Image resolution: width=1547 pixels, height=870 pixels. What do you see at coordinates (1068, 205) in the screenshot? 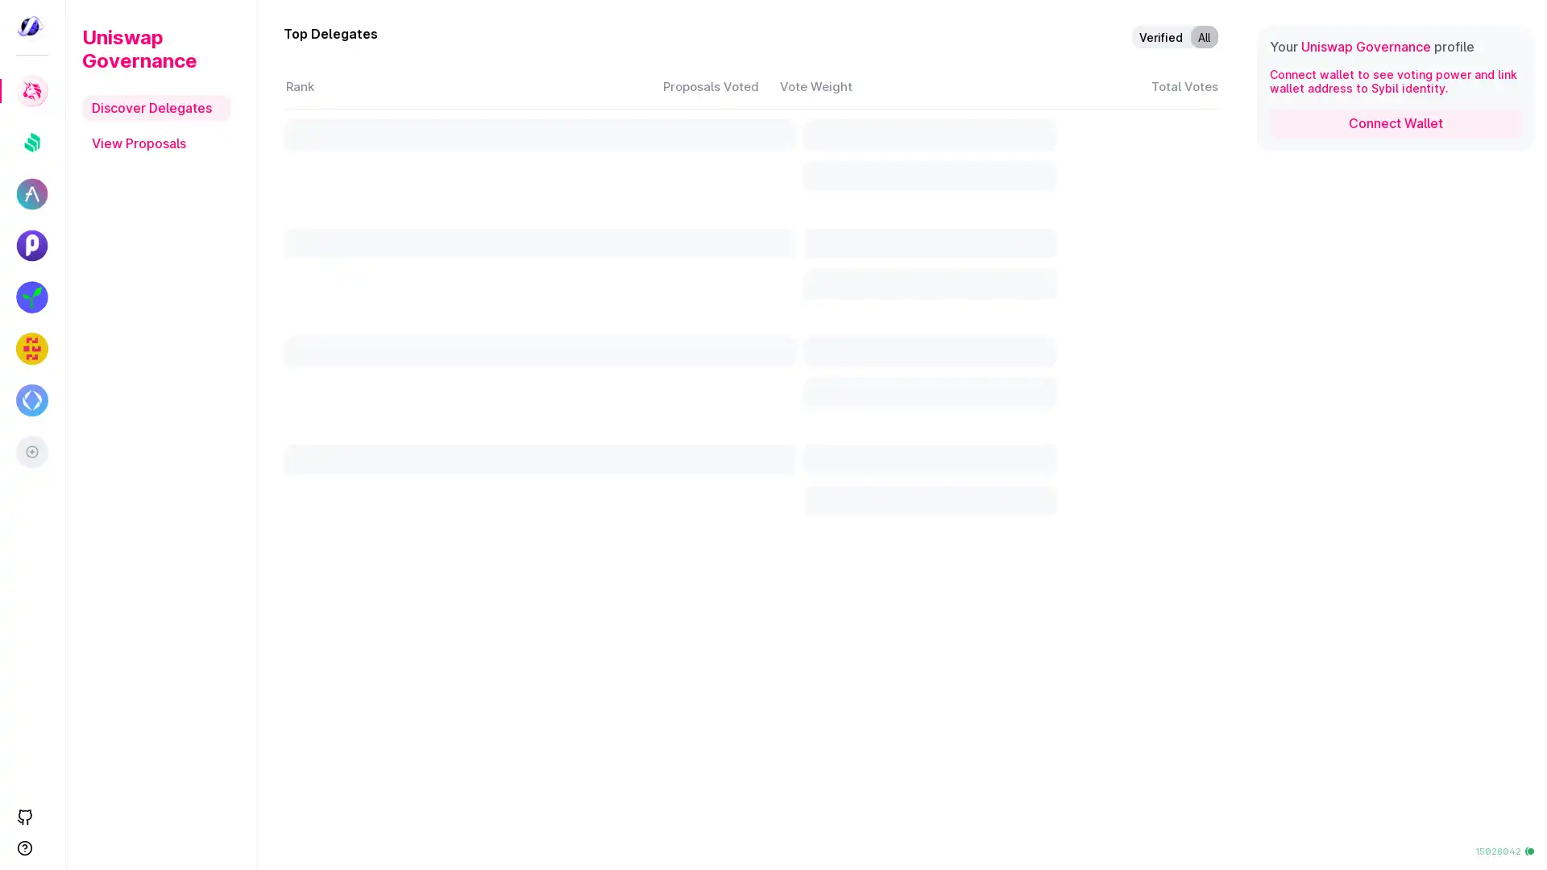
I see `Delegate` at bounding box center [1068, 205].